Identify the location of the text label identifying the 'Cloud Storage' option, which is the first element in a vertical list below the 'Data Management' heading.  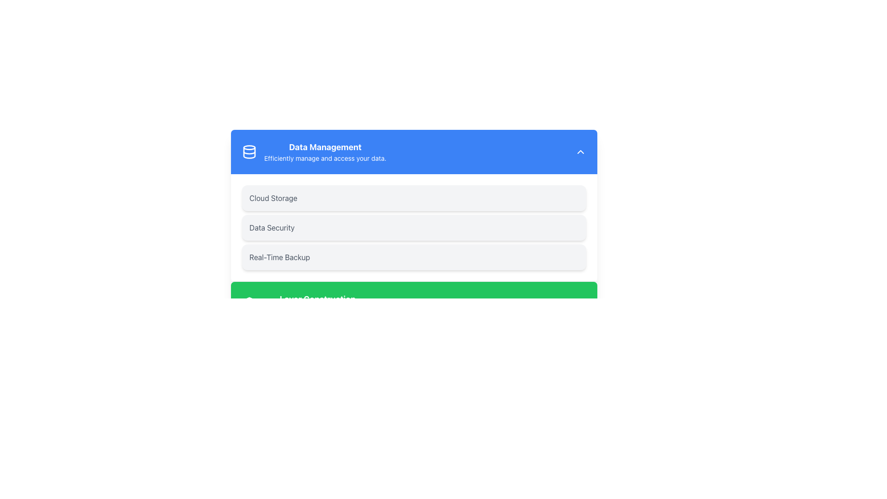
(273, 197).